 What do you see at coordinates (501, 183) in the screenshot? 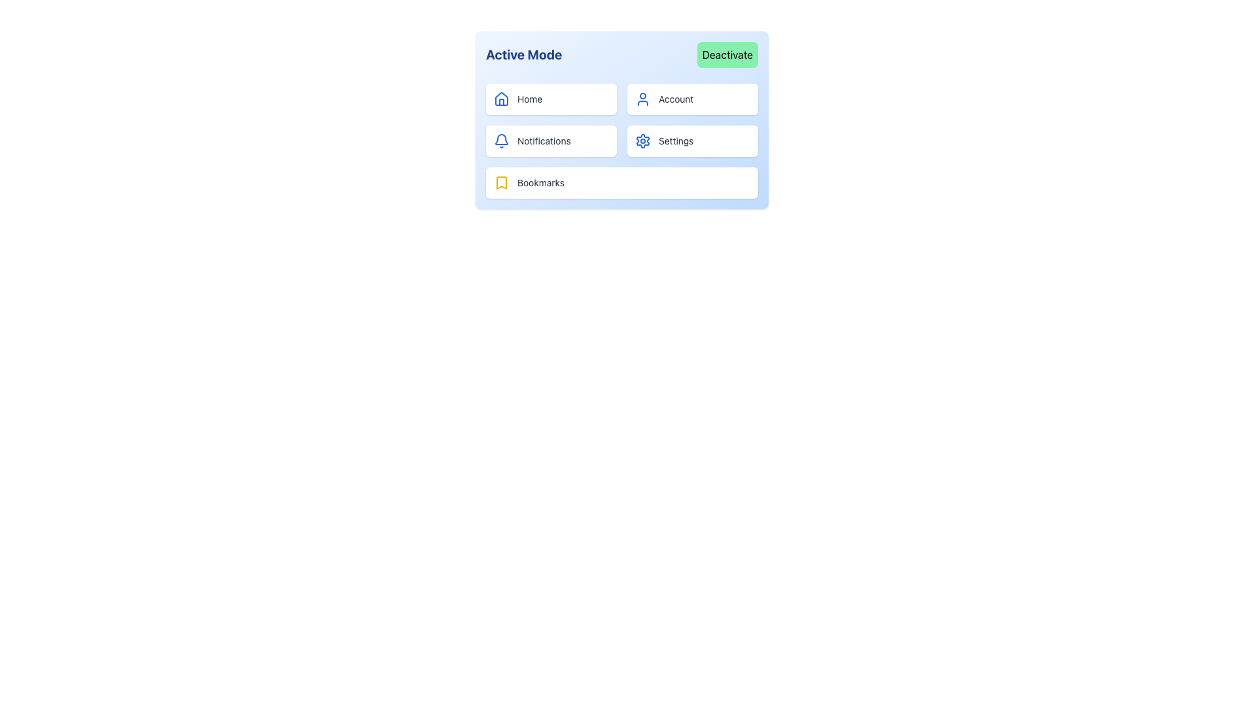
I see `the bookmark icon located at the bottom left corner of the 'Active Mode' blue box, which is next to the text label for 'Bookmarks'` at bounding box center [501, 183].